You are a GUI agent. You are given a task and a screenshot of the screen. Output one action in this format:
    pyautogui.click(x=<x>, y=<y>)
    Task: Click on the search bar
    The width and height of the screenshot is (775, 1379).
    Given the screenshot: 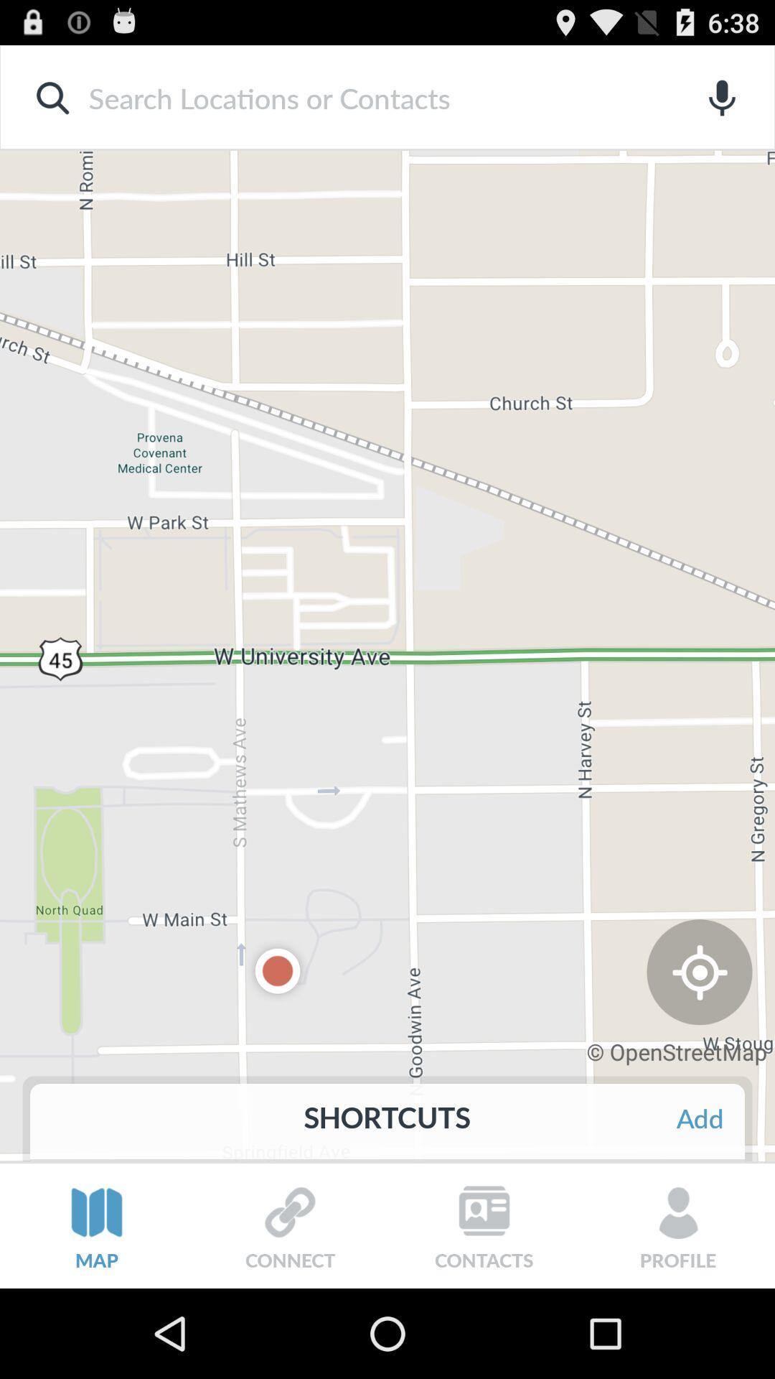 What is the action you would take?
    pyautogui.click(x=364, y=97)
    